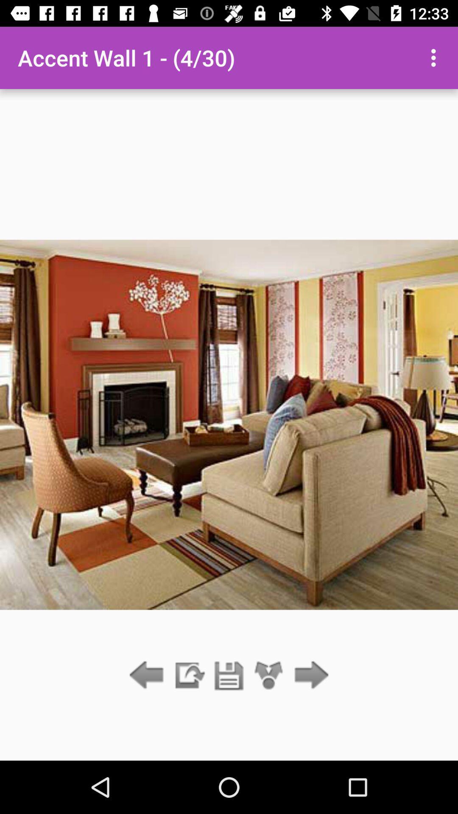  I want to click on the launch icon, so click(188, 675).